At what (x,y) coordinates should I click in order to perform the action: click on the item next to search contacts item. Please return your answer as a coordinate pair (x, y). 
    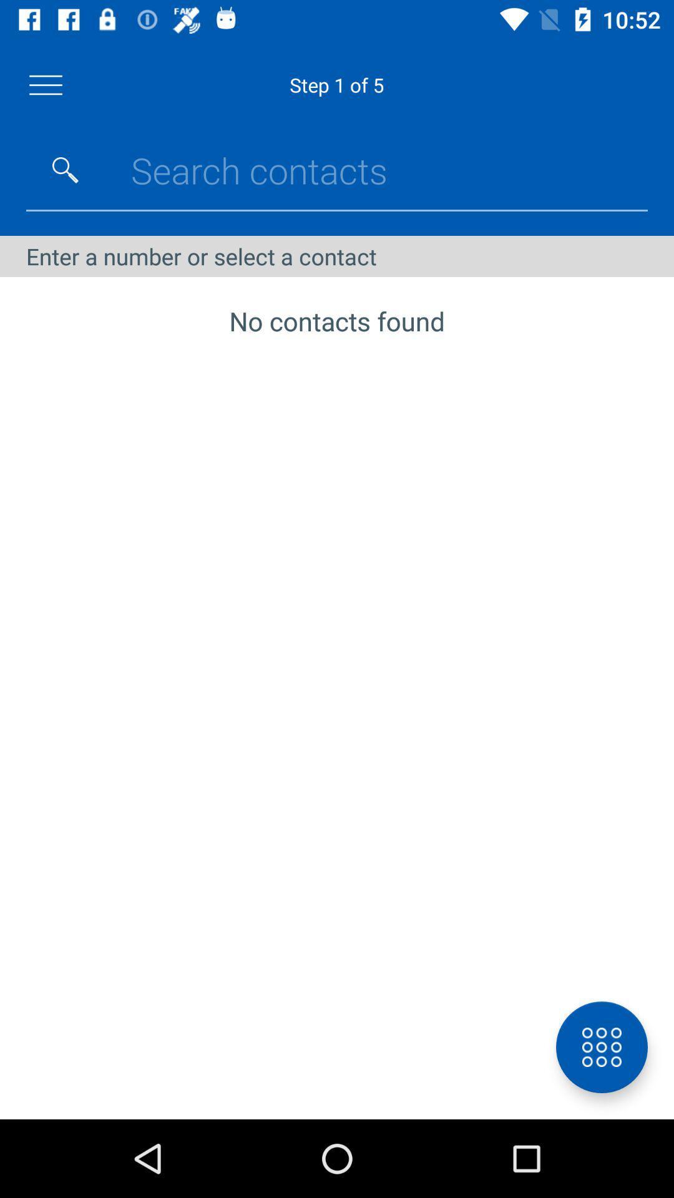
    Looking at the image, I should click on (65, 170).